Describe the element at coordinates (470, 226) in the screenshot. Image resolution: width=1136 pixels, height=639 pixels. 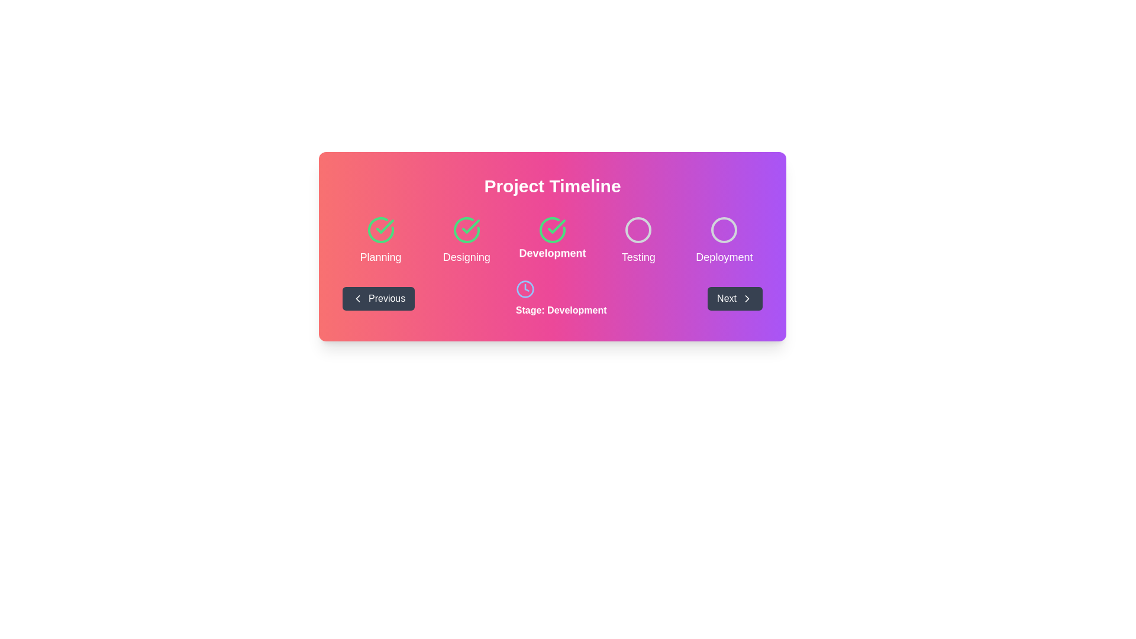
I see `the second checkmark icon in the timeline, which is styled with a green stroke and set within a circular frame` at that location.